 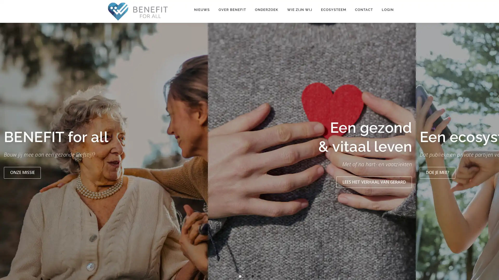 I want to click on Previous, so click(x=10, y=153).